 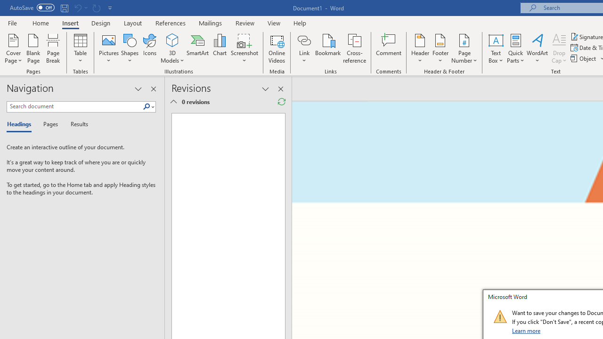 I want to click on 'Page Break', so click(x=53, y=48).